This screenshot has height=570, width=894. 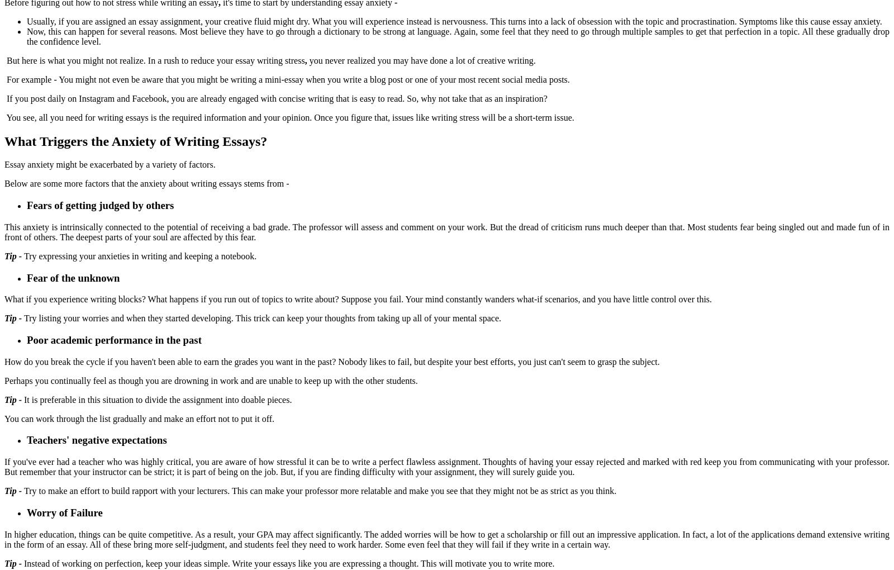 What do you see at coordinates (142, 255) in the screenshot?
I see `'Try expressing your anxieties in writing and keeping a notebook.'` at bounding box center [142, 255].